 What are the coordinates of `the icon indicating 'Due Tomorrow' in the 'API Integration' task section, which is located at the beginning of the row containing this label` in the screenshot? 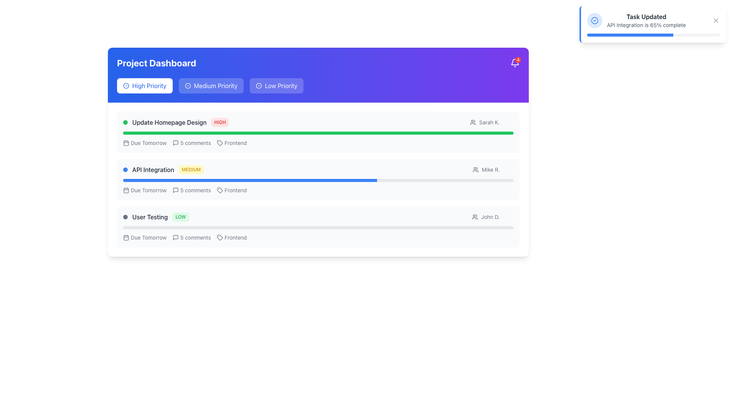 It's located at (126, 190).